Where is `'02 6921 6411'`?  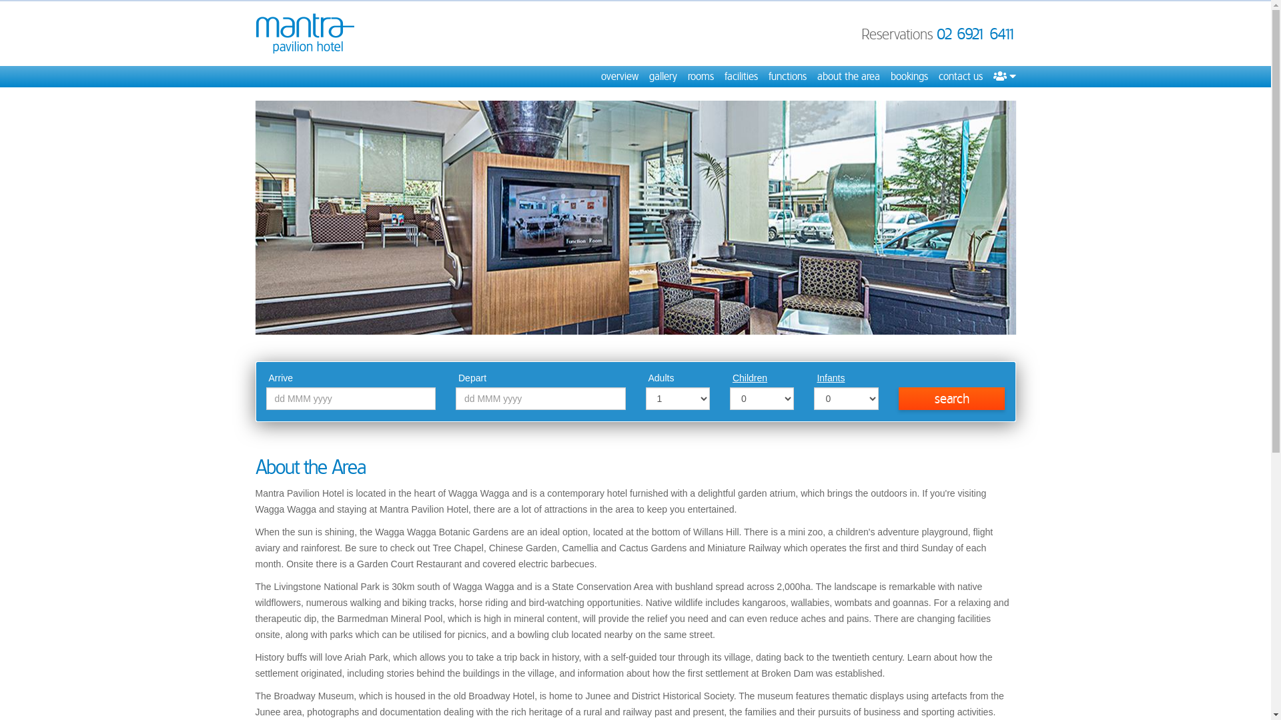 '02 6921 6411' is located at coordinates (976, 33).